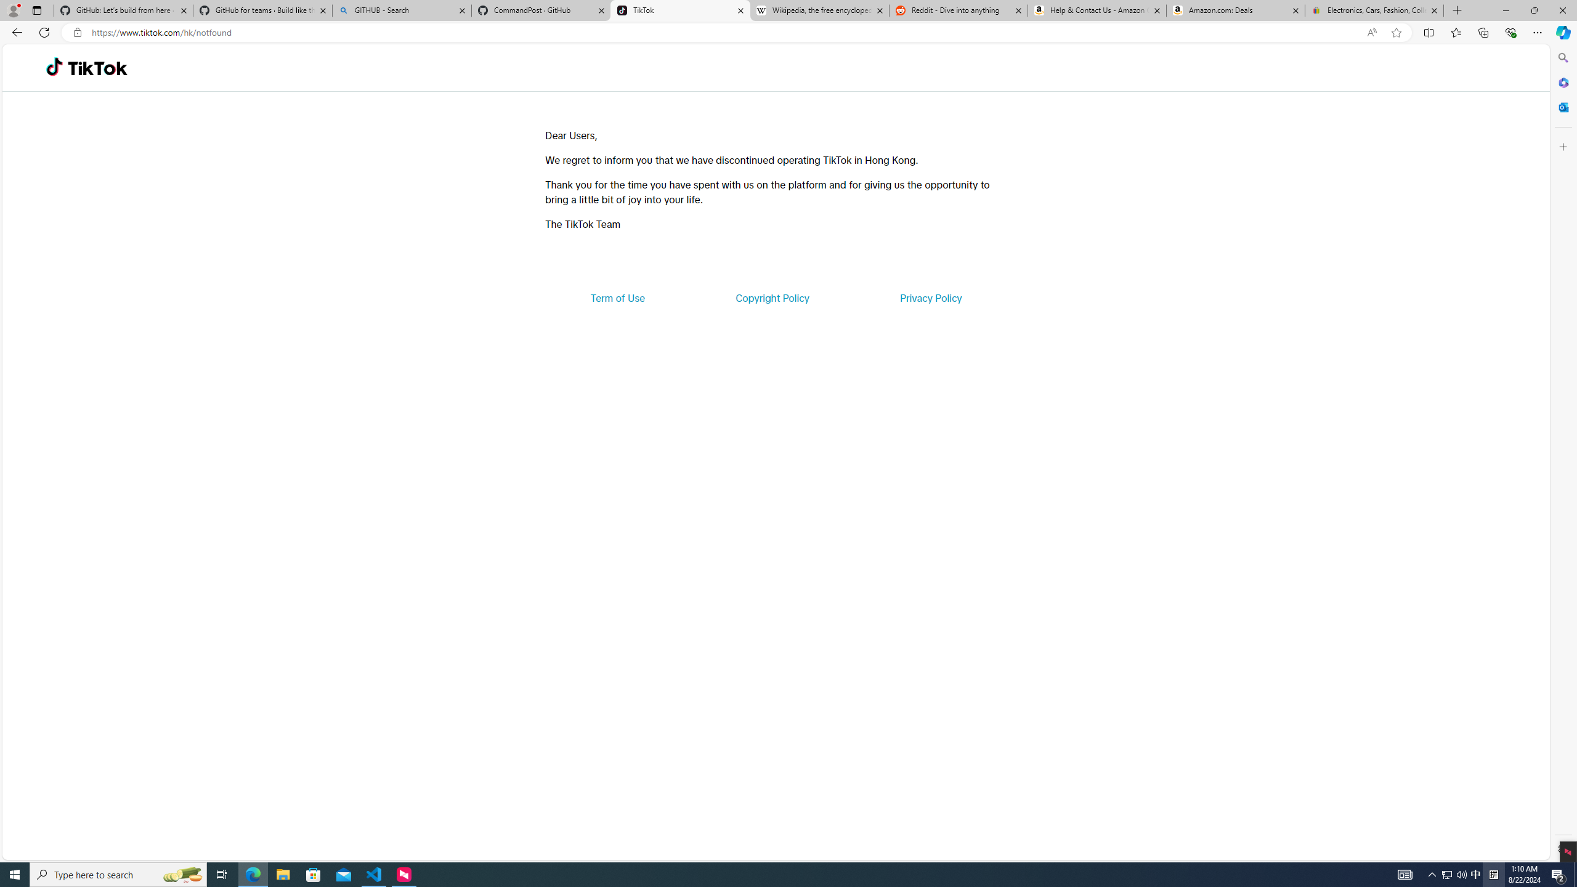 Image resolution: width=1577 pixels, height=887 pixels. What do you see at coordinates (617, 297) in the screenshot?
I see `'Term of Use'` at bounding box center [617, 297].